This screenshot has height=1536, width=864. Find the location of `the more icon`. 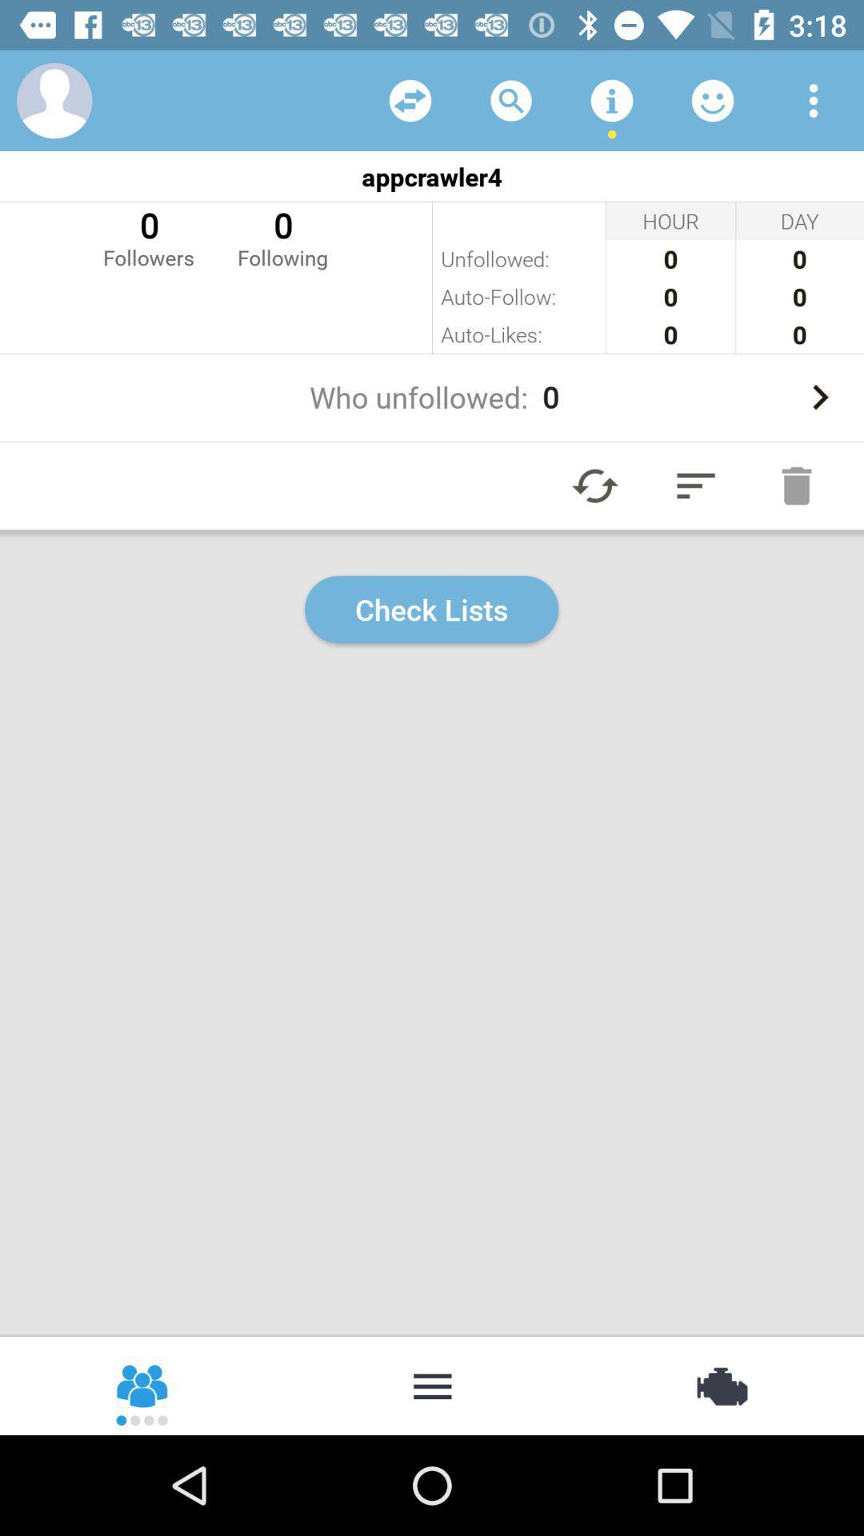

the more icon is located at coordinates (432, 1384).